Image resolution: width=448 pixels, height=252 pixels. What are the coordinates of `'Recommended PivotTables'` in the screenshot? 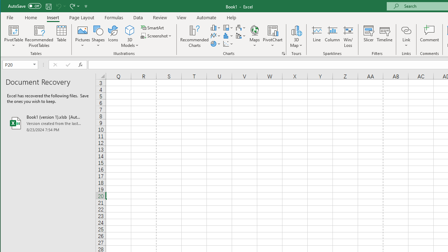 It's located at (39, 36).